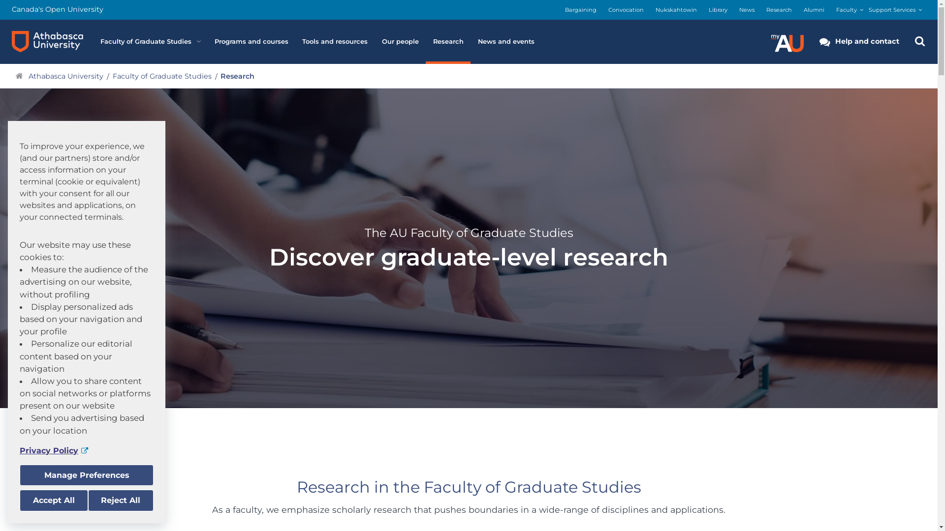  Describe the element at coordinates (846, 10) in the screenshot. I see `'Faculty'` at that location.